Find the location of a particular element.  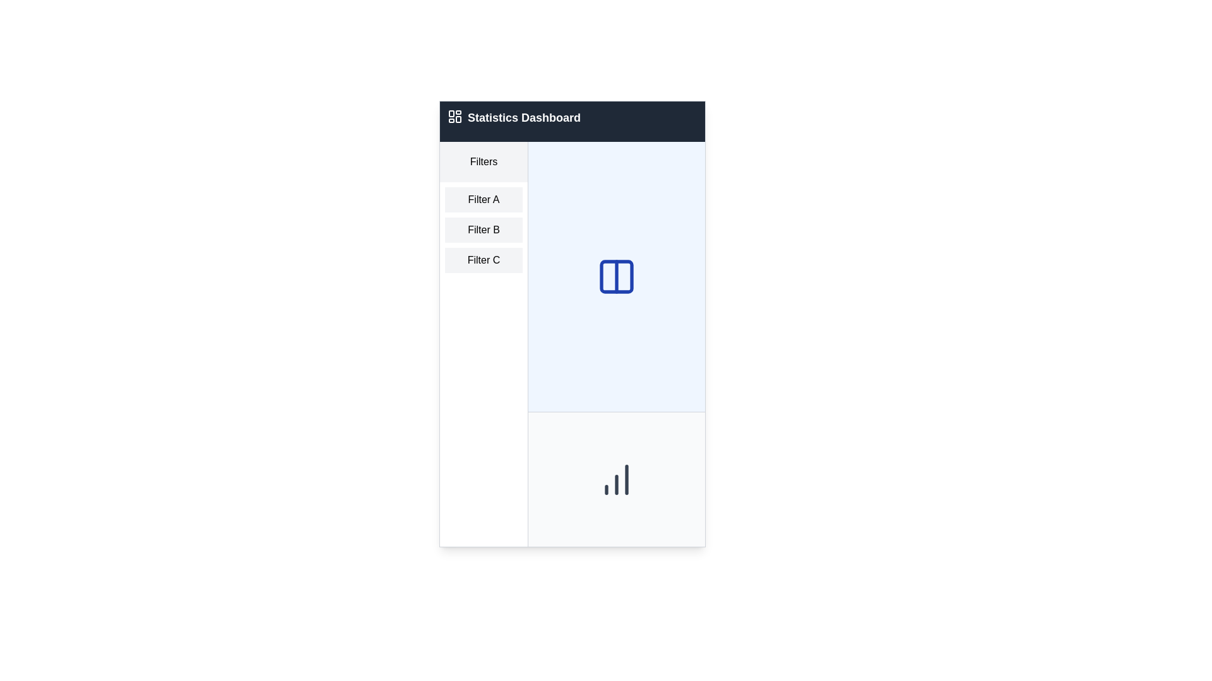

the Header bar with the title 'Statistics Dashboard' and an icon resembling a dashboard layout, which is styled with a dark gray background and white text is located at coordinates (572, 121).